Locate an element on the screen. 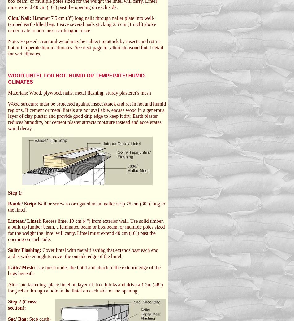 The height and width of the screenshot is (321, 294). 'Materials: Wood, plywood, nails, metal flashing, sturdy plasterer's mesh' is located at coordinates (79, 93).